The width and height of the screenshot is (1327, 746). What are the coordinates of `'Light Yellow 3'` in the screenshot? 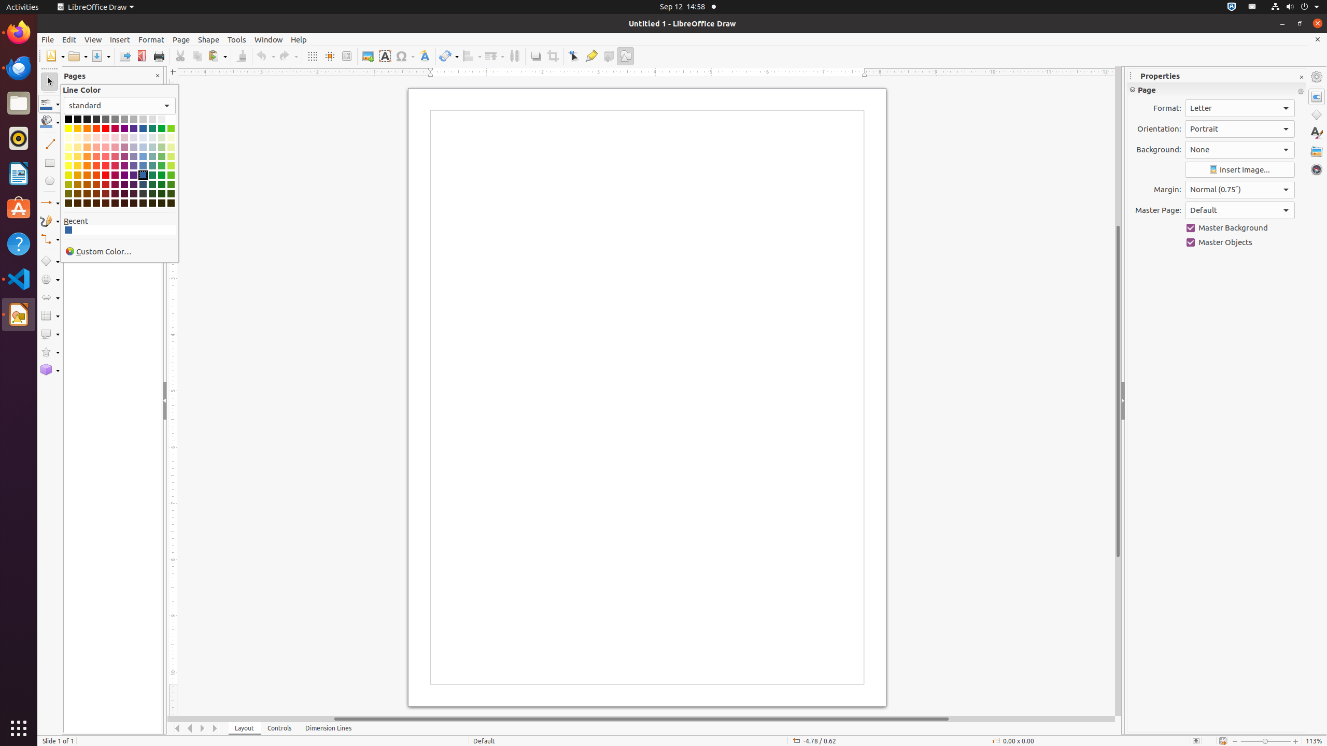 It's located at (68, 147).